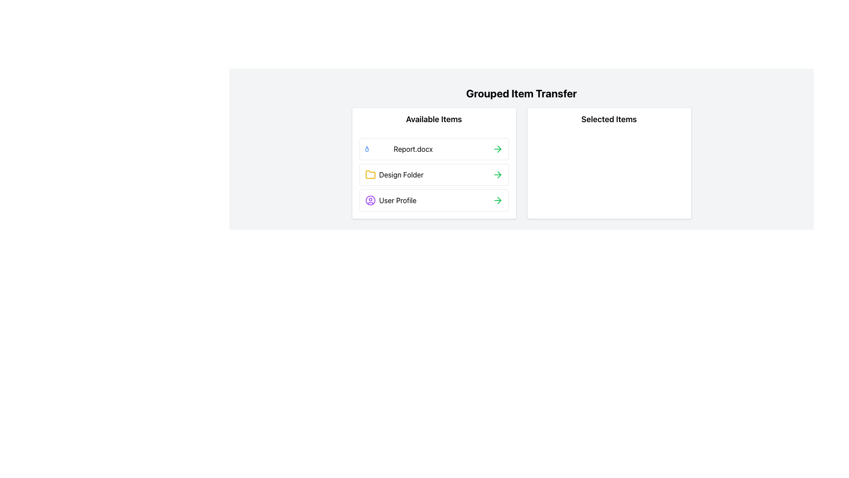 This screenshot has height=478, width=849. Describe the element at coordinates (499, 174) in the screenshot. I see `the tip of the rightward-pointing arrow icon associated with the 'Report.docx' item in the 'Available Items' list` at that location.